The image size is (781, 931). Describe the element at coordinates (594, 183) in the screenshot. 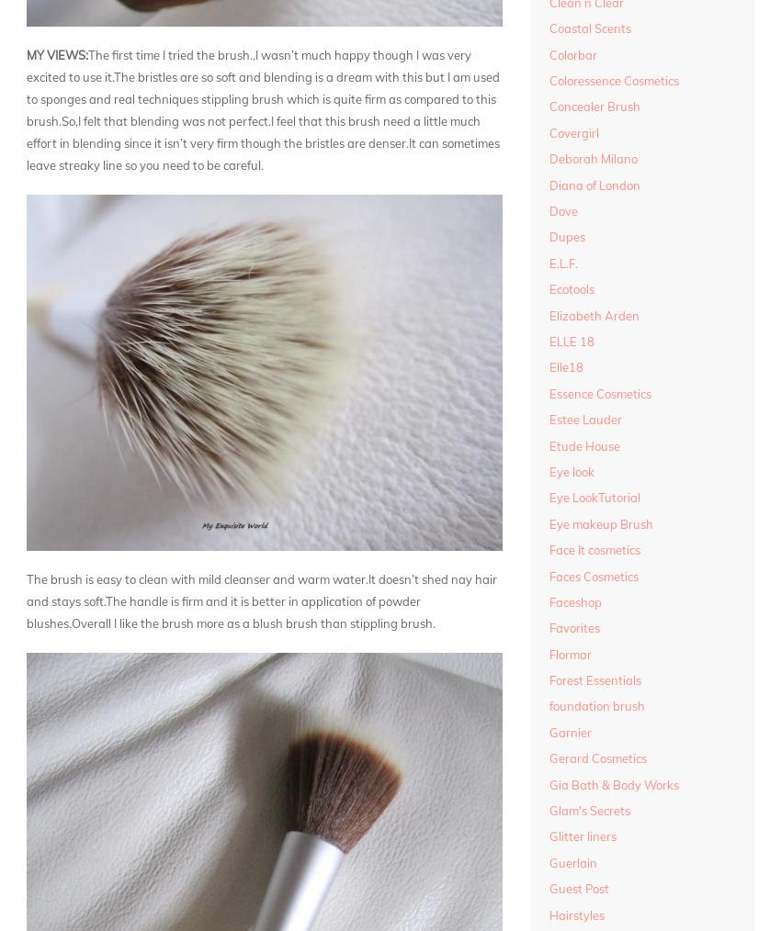

I see `'Diana of London'` at that location.